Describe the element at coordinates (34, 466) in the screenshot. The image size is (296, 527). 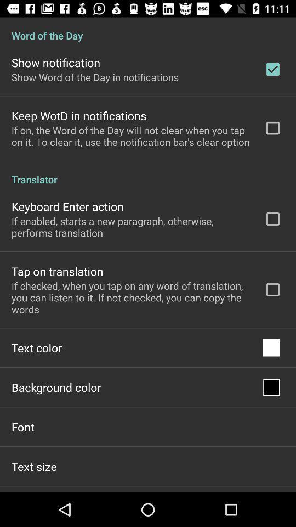
I see `the text size icon` at that location.